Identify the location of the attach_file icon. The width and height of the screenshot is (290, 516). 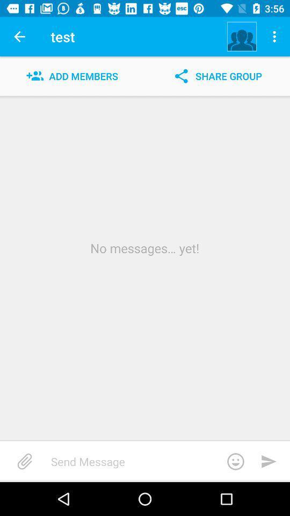
(25, 461).